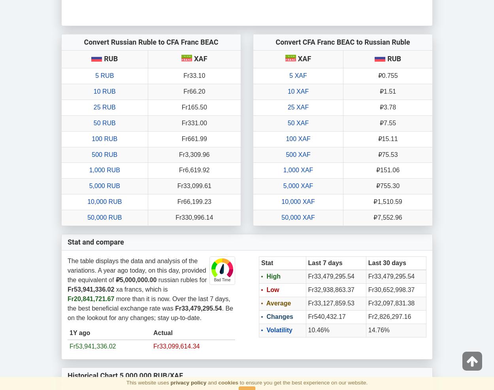  Describe the element at coordinates (125, 375) in the screenshot. I see `'Historical Chart 5,000,000 RUB/XAF'` at that location.